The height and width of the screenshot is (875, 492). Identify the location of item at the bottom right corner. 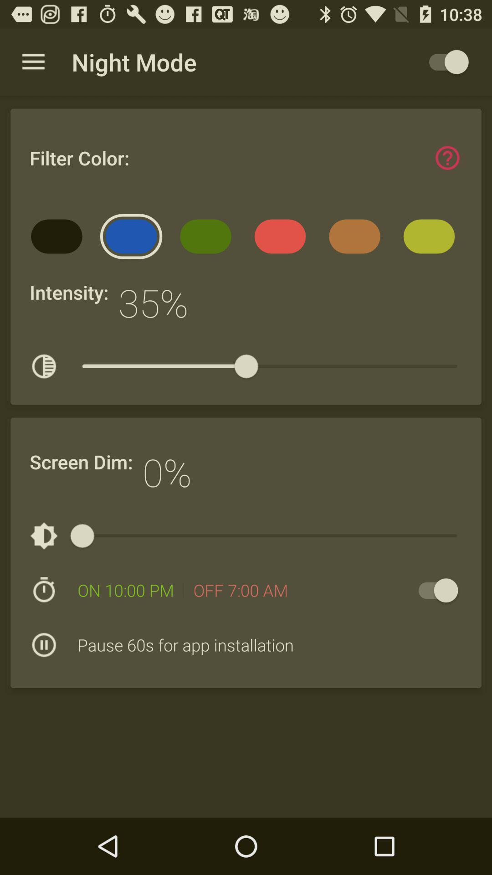
(433, 590).